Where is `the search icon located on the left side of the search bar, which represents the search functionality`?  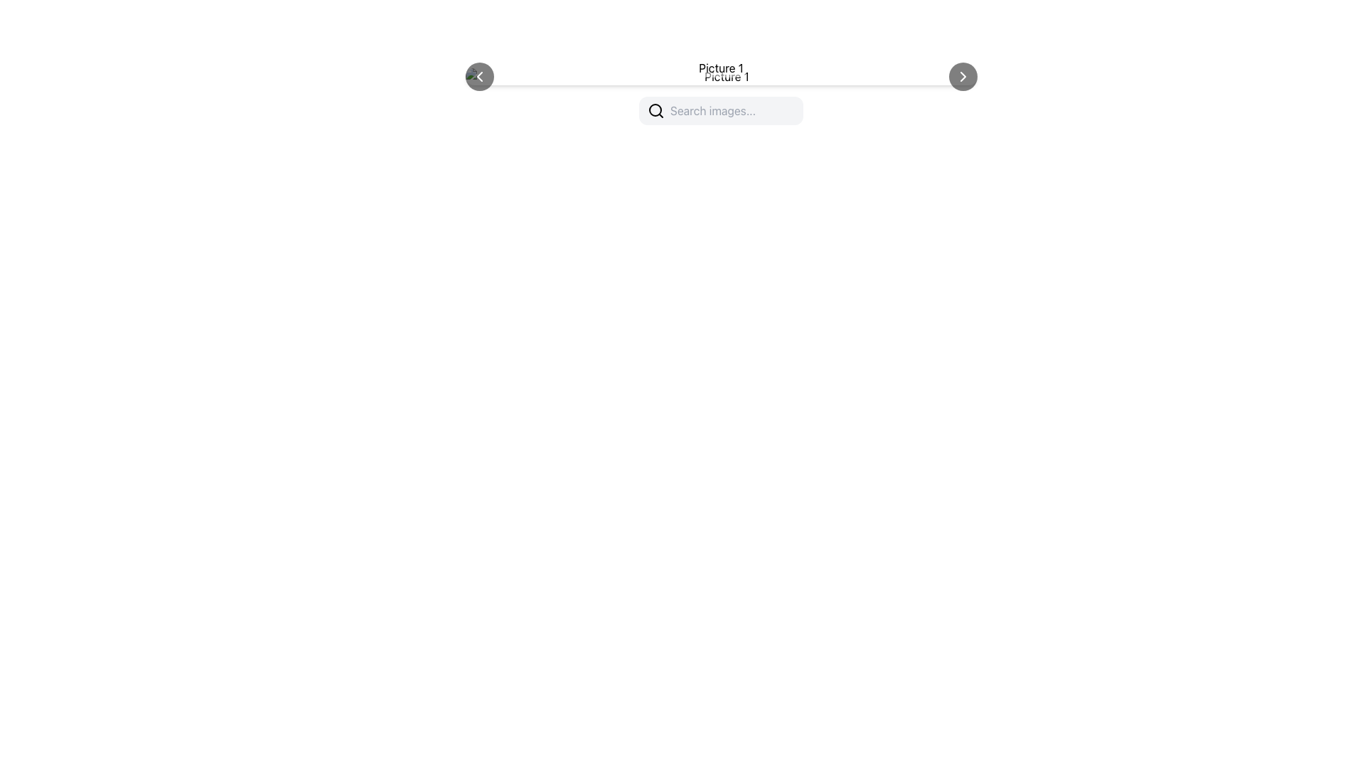
the search icon located on the left side of the search bar, which represents the search functionality is located at coordinates (655, 110).